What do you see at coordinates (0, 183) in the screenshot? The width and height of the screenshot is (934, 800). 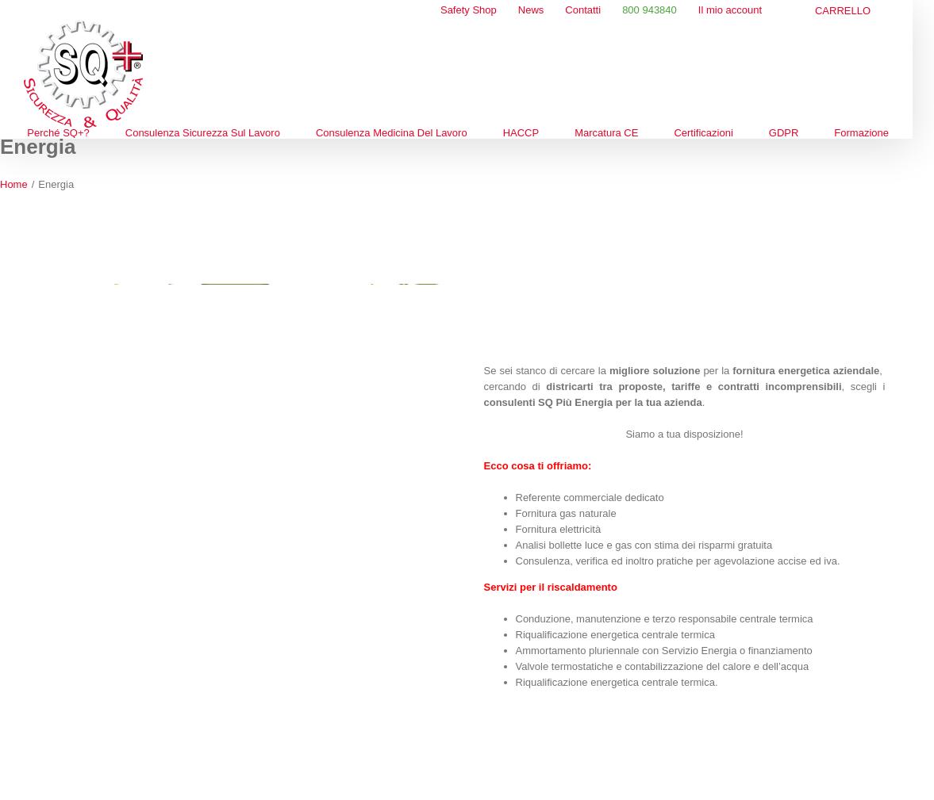 I see `'Home'` at bounding box center [0, 183].